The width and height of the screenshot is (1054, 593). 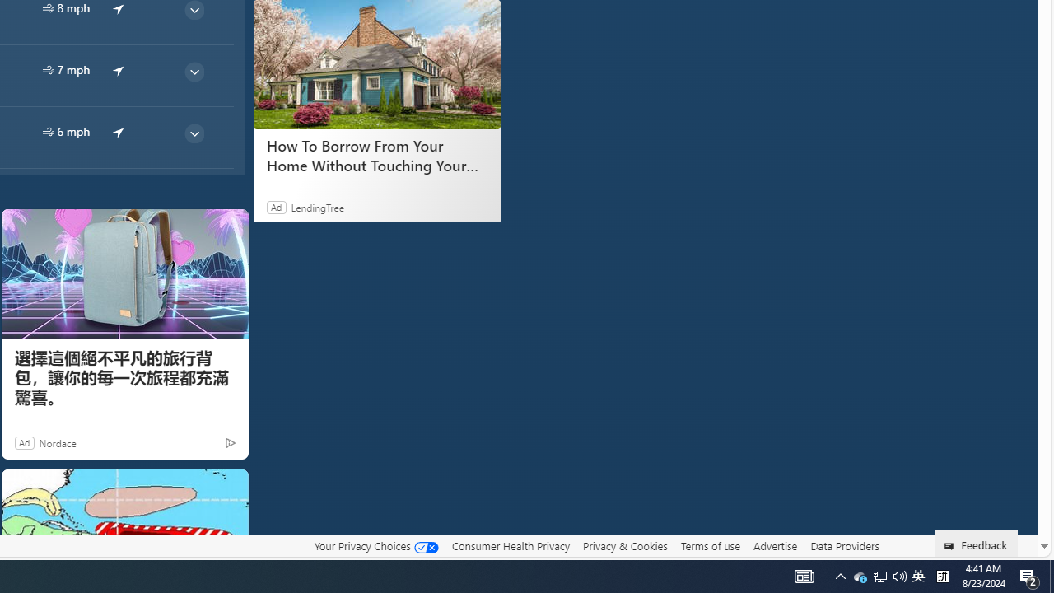 What do you see at coordinates (844, 545) in the screenshot?
I see `'Data Providers'` at bounding box center [844, 545].